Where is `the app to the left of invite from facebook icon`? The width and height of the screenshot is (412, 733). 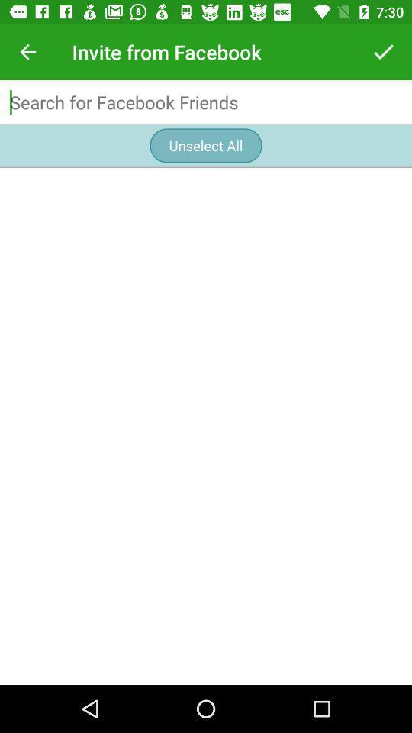 the app to the left of invite from facebook icon is located at coordinates (27, 52).